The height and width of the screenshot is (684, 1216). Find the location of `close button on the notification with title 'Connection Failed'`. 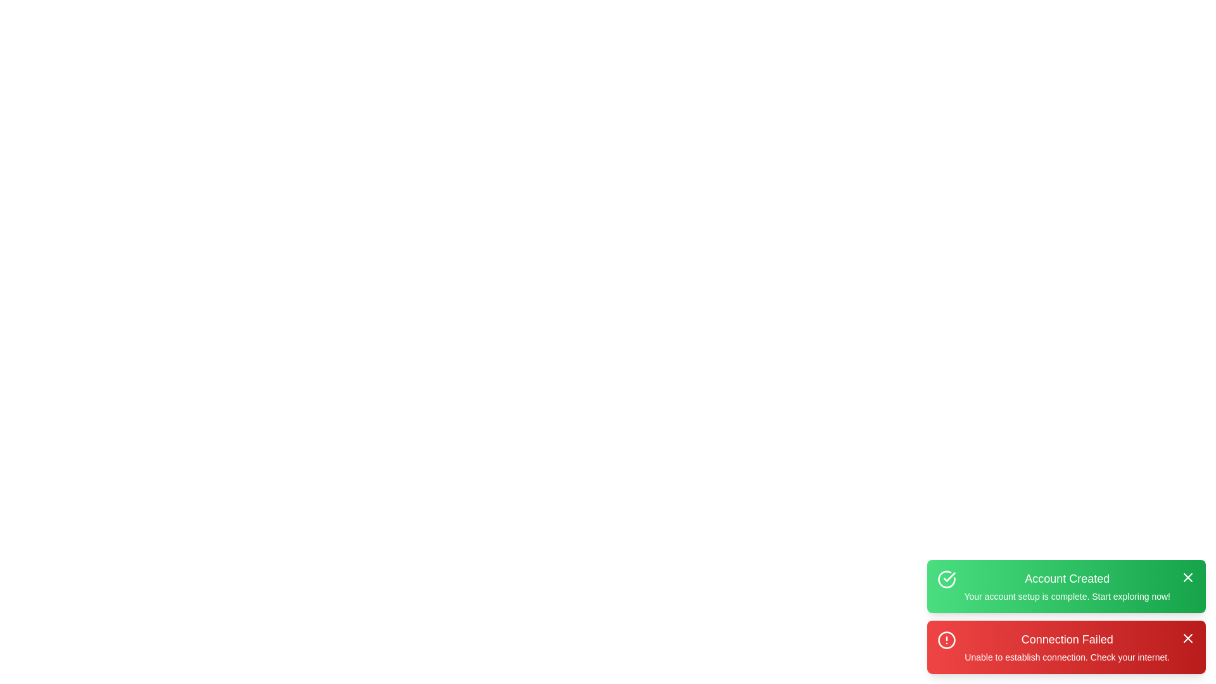

close button on the notification with title 'Connection Failed' is located at coordinates (1187, 638).